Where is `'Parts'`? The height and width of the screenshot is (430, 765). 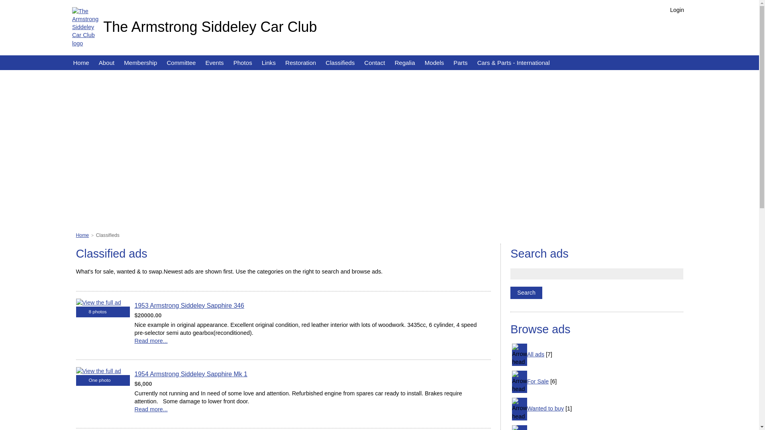
'Parts' is located at coordinates (460, 63).